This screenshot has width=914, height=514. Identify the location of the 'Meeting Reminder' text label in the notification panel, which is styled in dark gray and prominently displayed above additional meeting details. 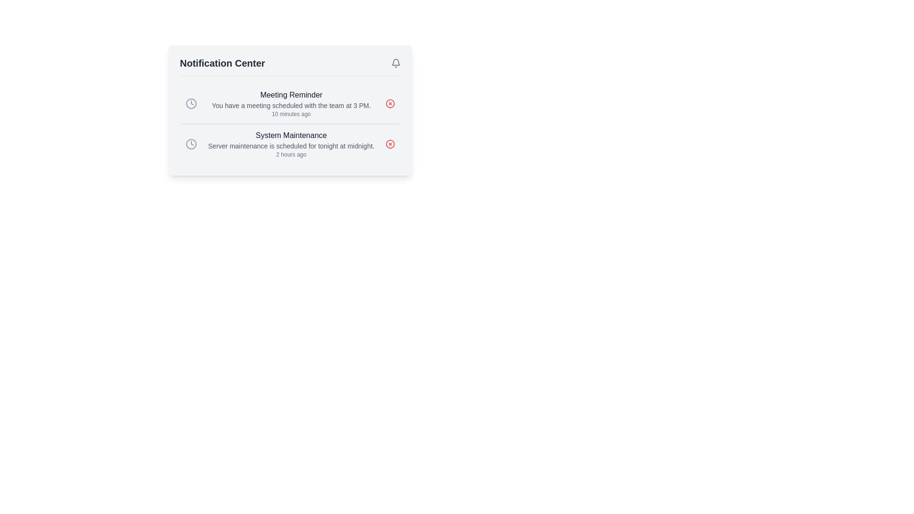
(290, 95).